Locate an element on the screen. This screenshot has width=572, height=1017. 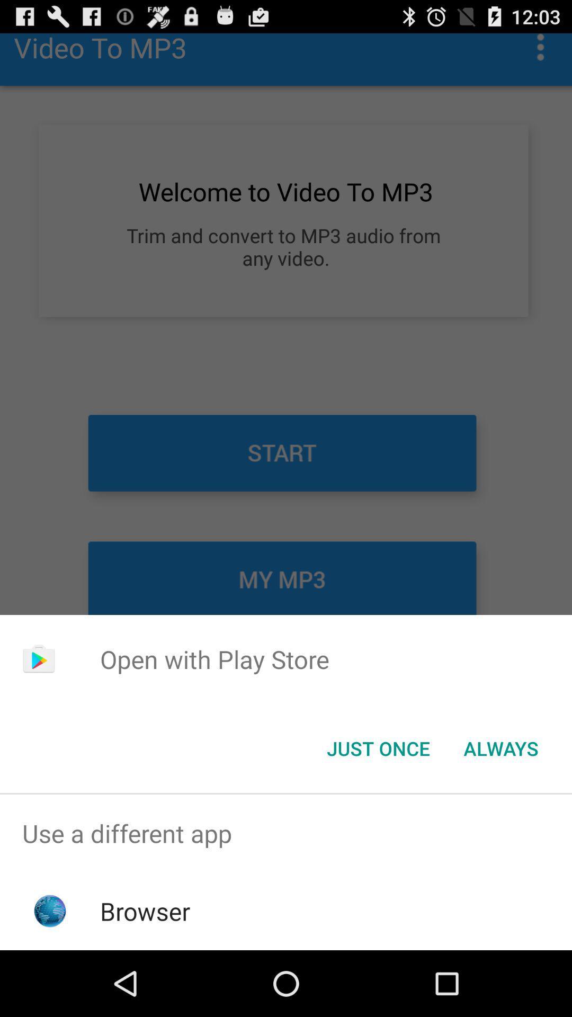
the icon below open with play icon is located at coordinates (501, 747).